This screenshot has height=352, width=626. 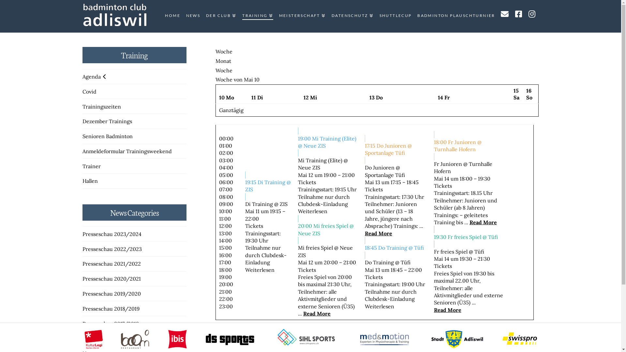 I want to click on 'Dezember Trainings', so click(x=107, y=121).